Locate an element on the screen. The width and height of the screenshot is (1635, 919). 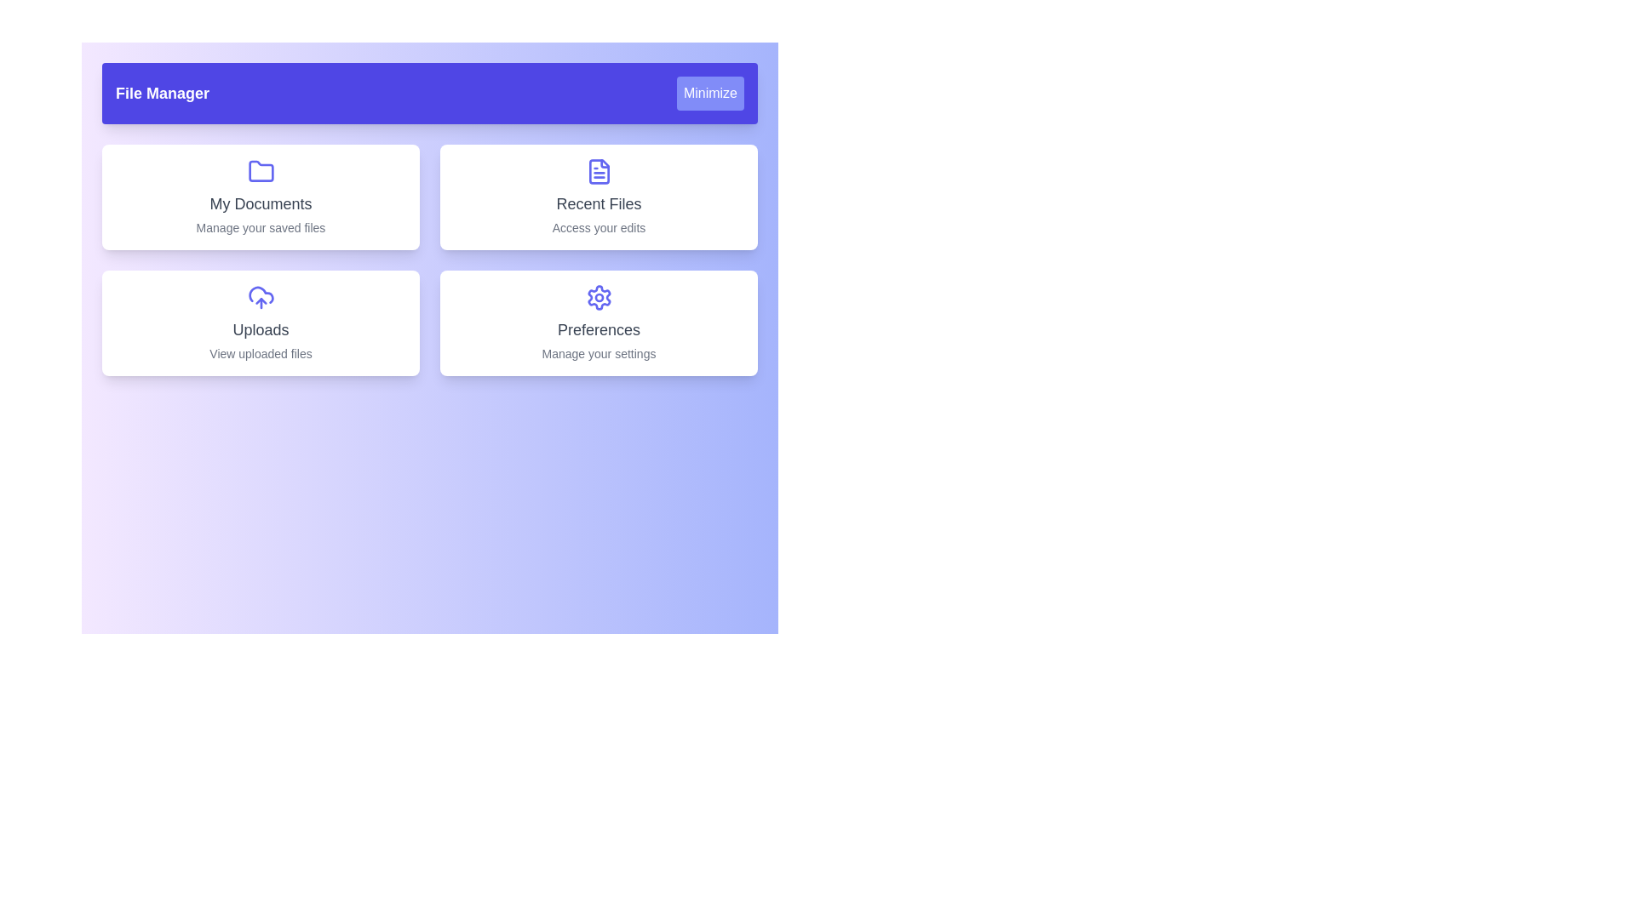
the section labeled Preferences to explore its functionality is located at coordinates (599, 323).